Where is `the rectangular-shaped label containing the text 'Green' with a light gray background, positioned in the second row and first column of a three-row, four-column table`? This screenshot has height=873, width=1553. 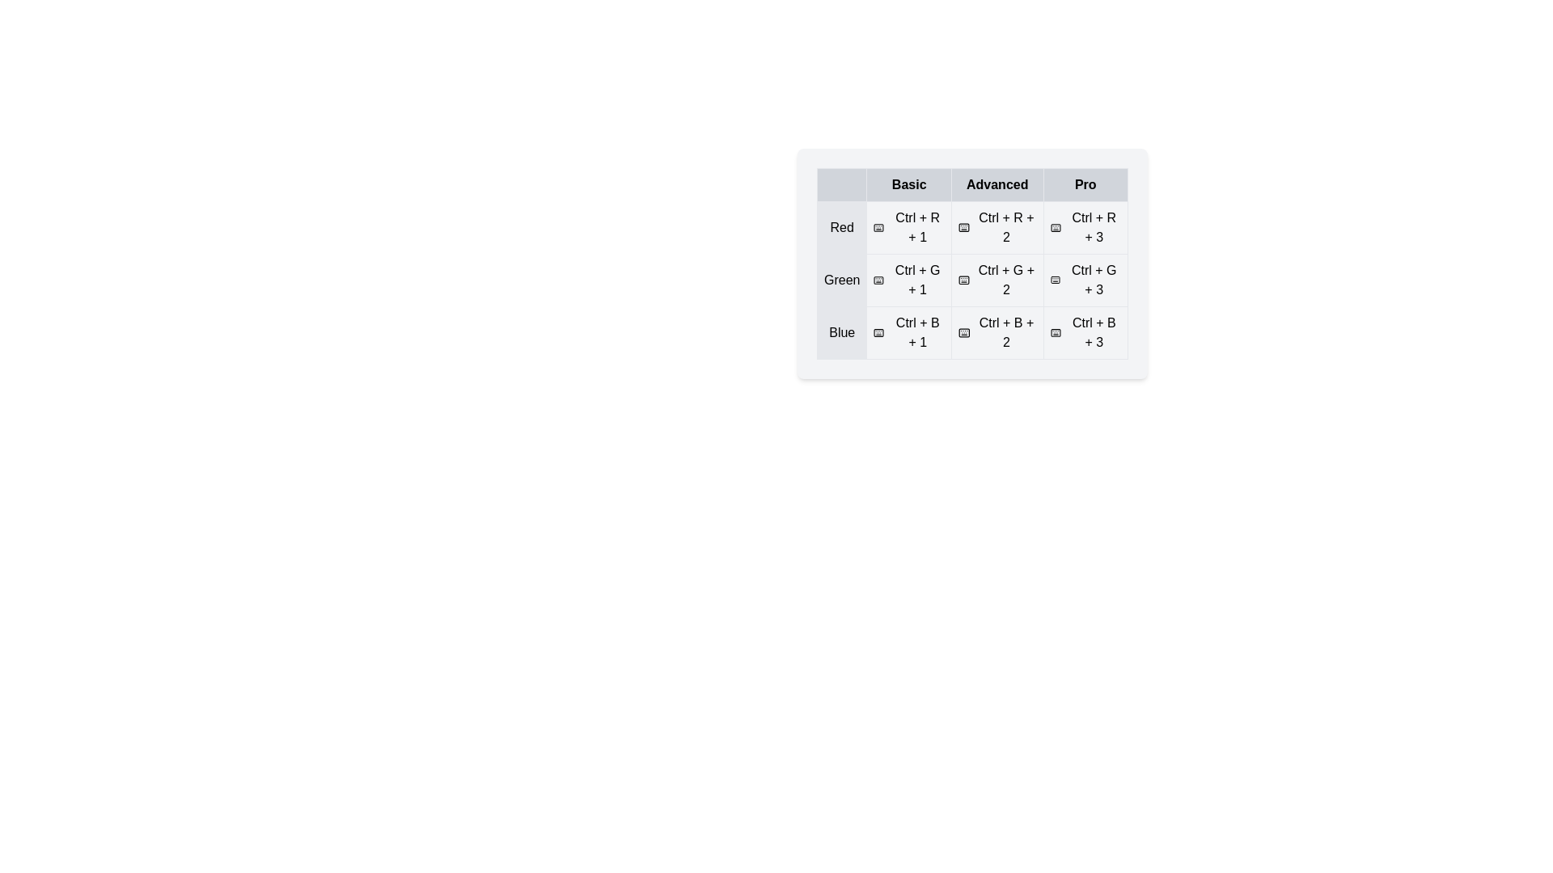 the rectangular-shaped label containing the text 'Green' with a light gray background, positioned in the second row and first column of a three-row, four-column table is located at coordinates (841, 280).